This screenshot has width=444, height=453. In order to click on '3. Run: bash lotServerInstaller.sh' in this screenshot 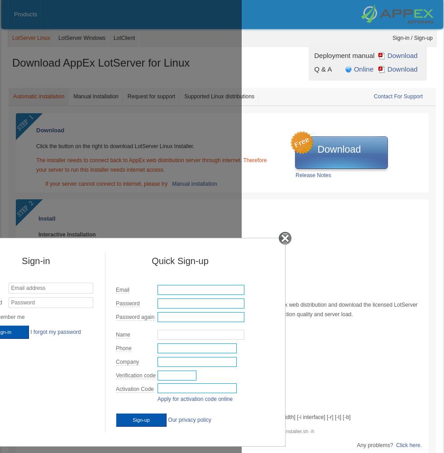, I will do `click(79, 276)`.